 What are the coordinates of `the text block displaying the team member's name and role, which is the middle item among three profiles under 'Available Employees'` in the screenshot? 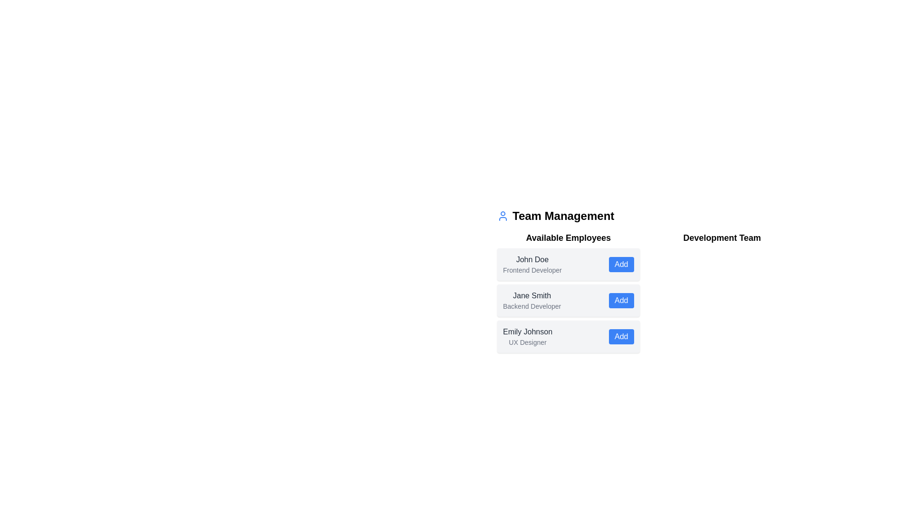 It's located at (532, 300).